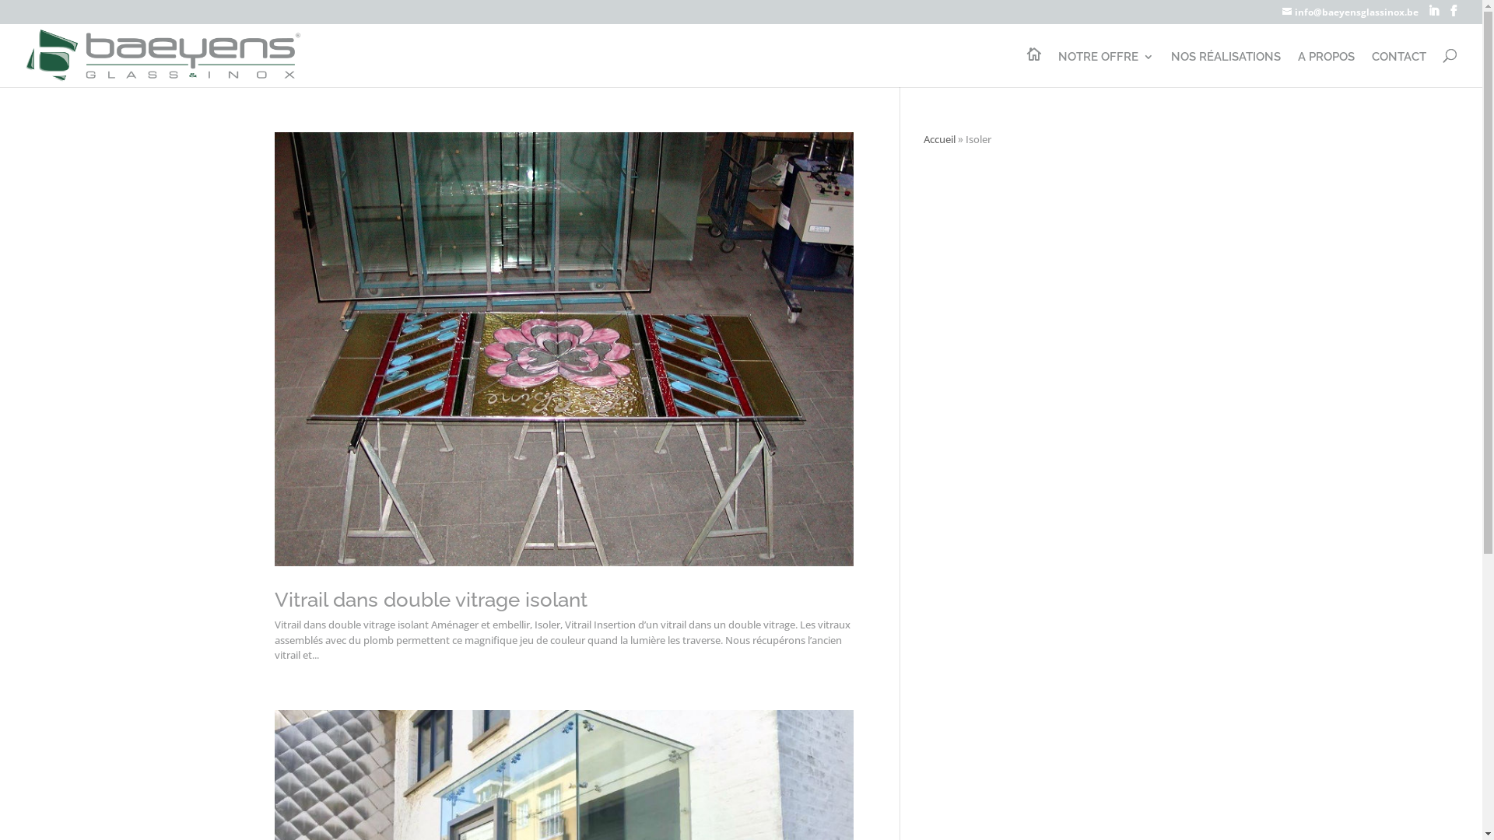 Image resolution: width=1494 pixels, height=840 pixels. Describe the element at coordinates (1057, 68) in the screenshot. I see `'NOTRE OFFRE'` at that location.